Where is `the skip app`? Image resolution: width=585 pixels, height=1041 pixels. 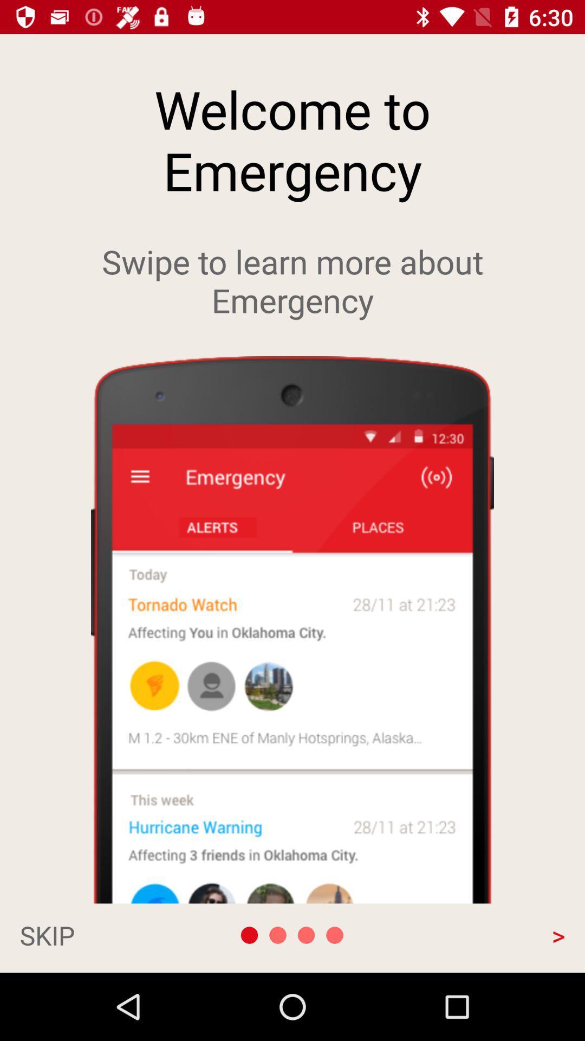
the skip app is located at coordinates (101, 934).